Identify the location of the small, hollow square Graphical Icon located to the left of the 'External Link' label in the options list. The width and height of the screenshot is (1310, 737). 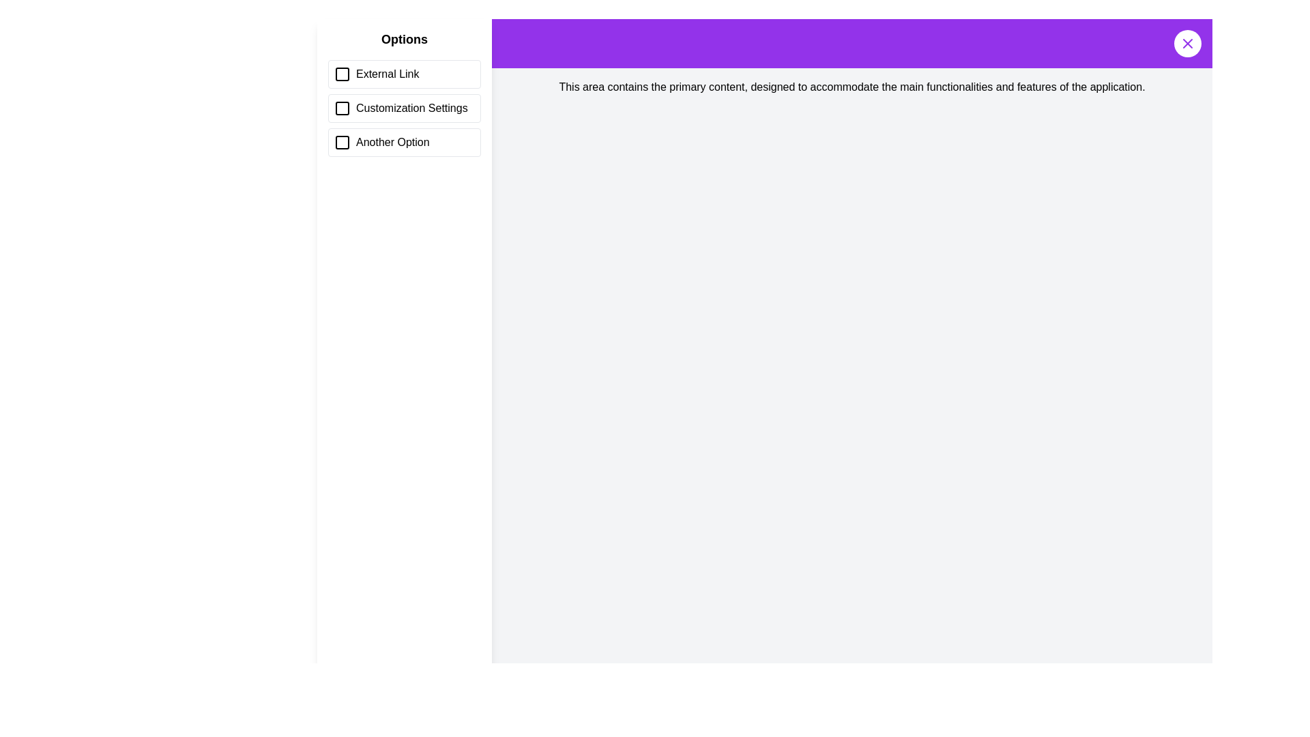
(343, 74).